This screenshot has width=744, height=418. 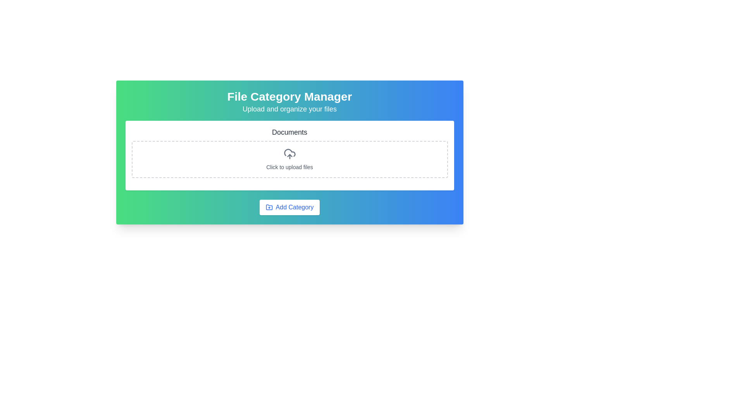 What do you see at coordinates (289, 154) in the screenshot?
I see `the cloud icon with an upward arrow` at bounding box center [289, 154].